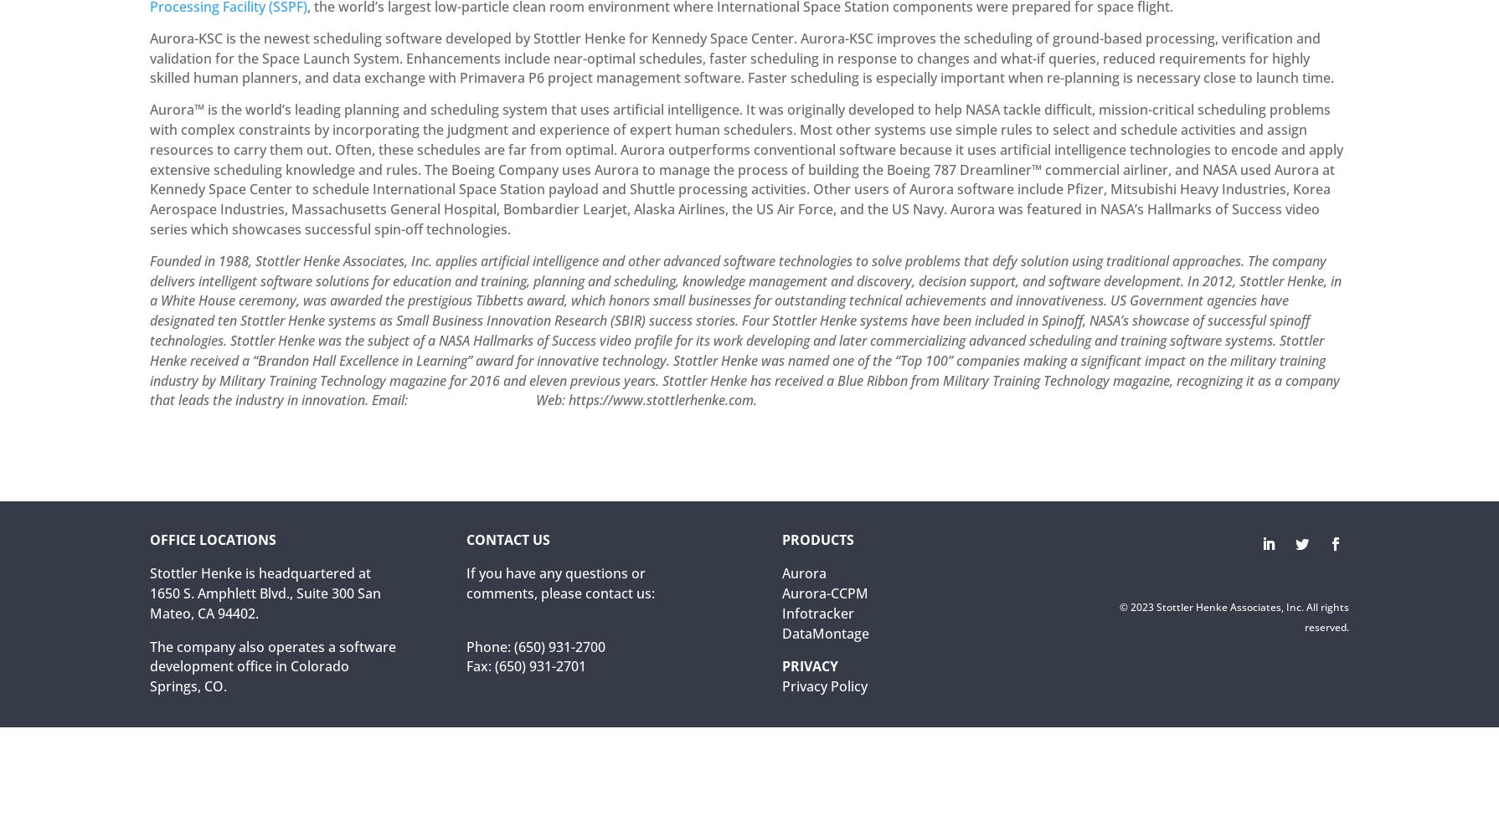  What do you see at coordinates (642, 399) in the screenshot?
I see `'Web: https://www.stottlerhenke.com.'` at bounding box center [642, 399].